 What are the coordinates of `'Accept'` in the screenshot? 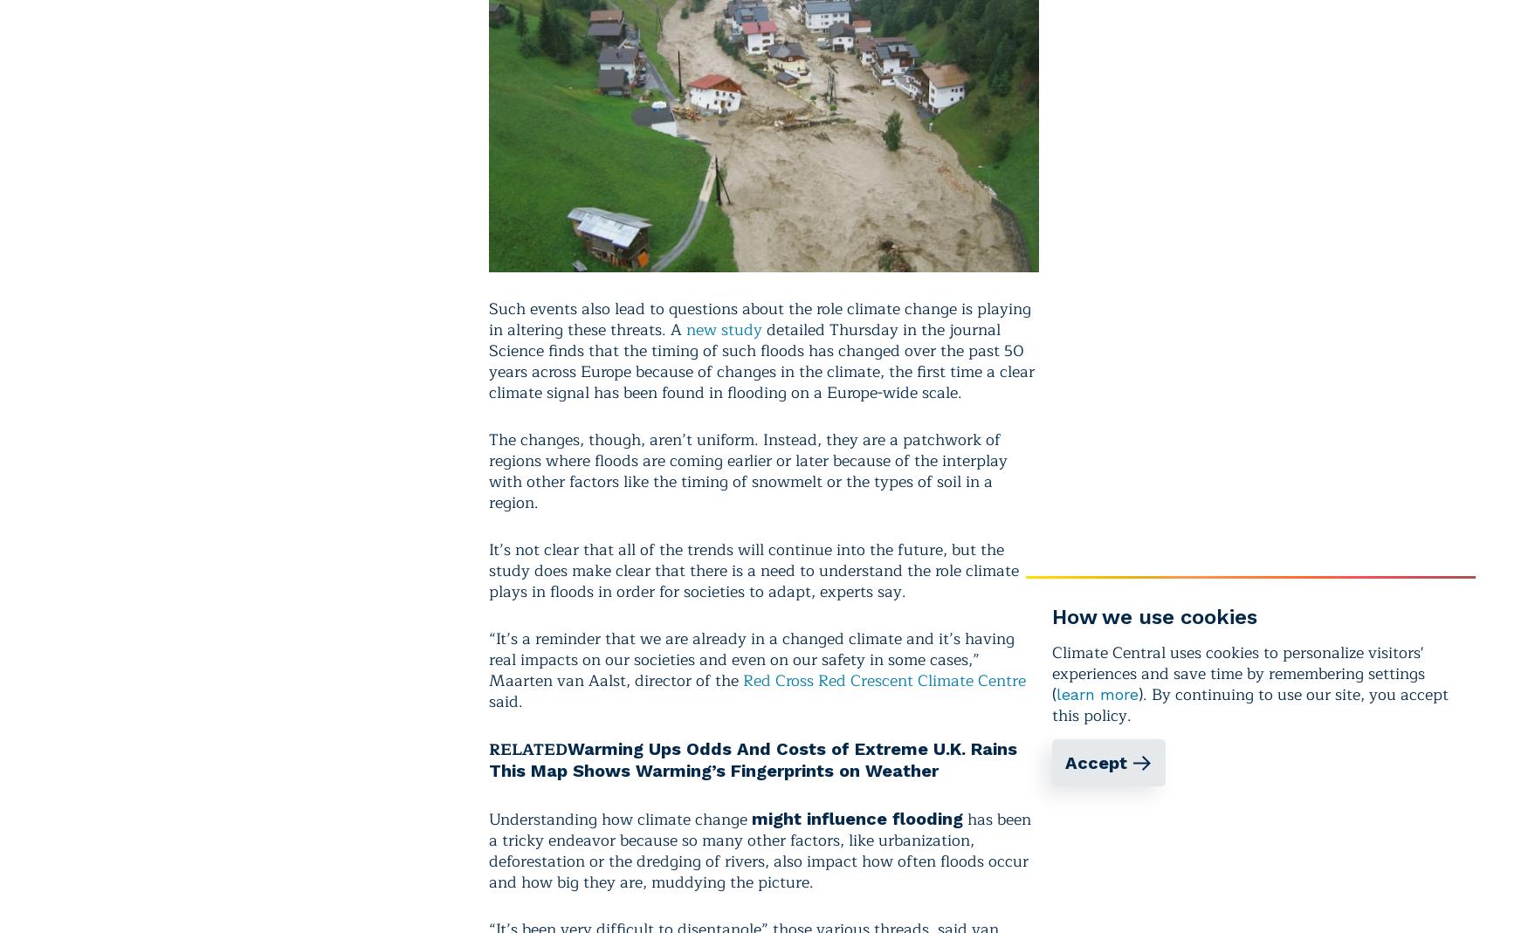 It's located at (1095, 762).